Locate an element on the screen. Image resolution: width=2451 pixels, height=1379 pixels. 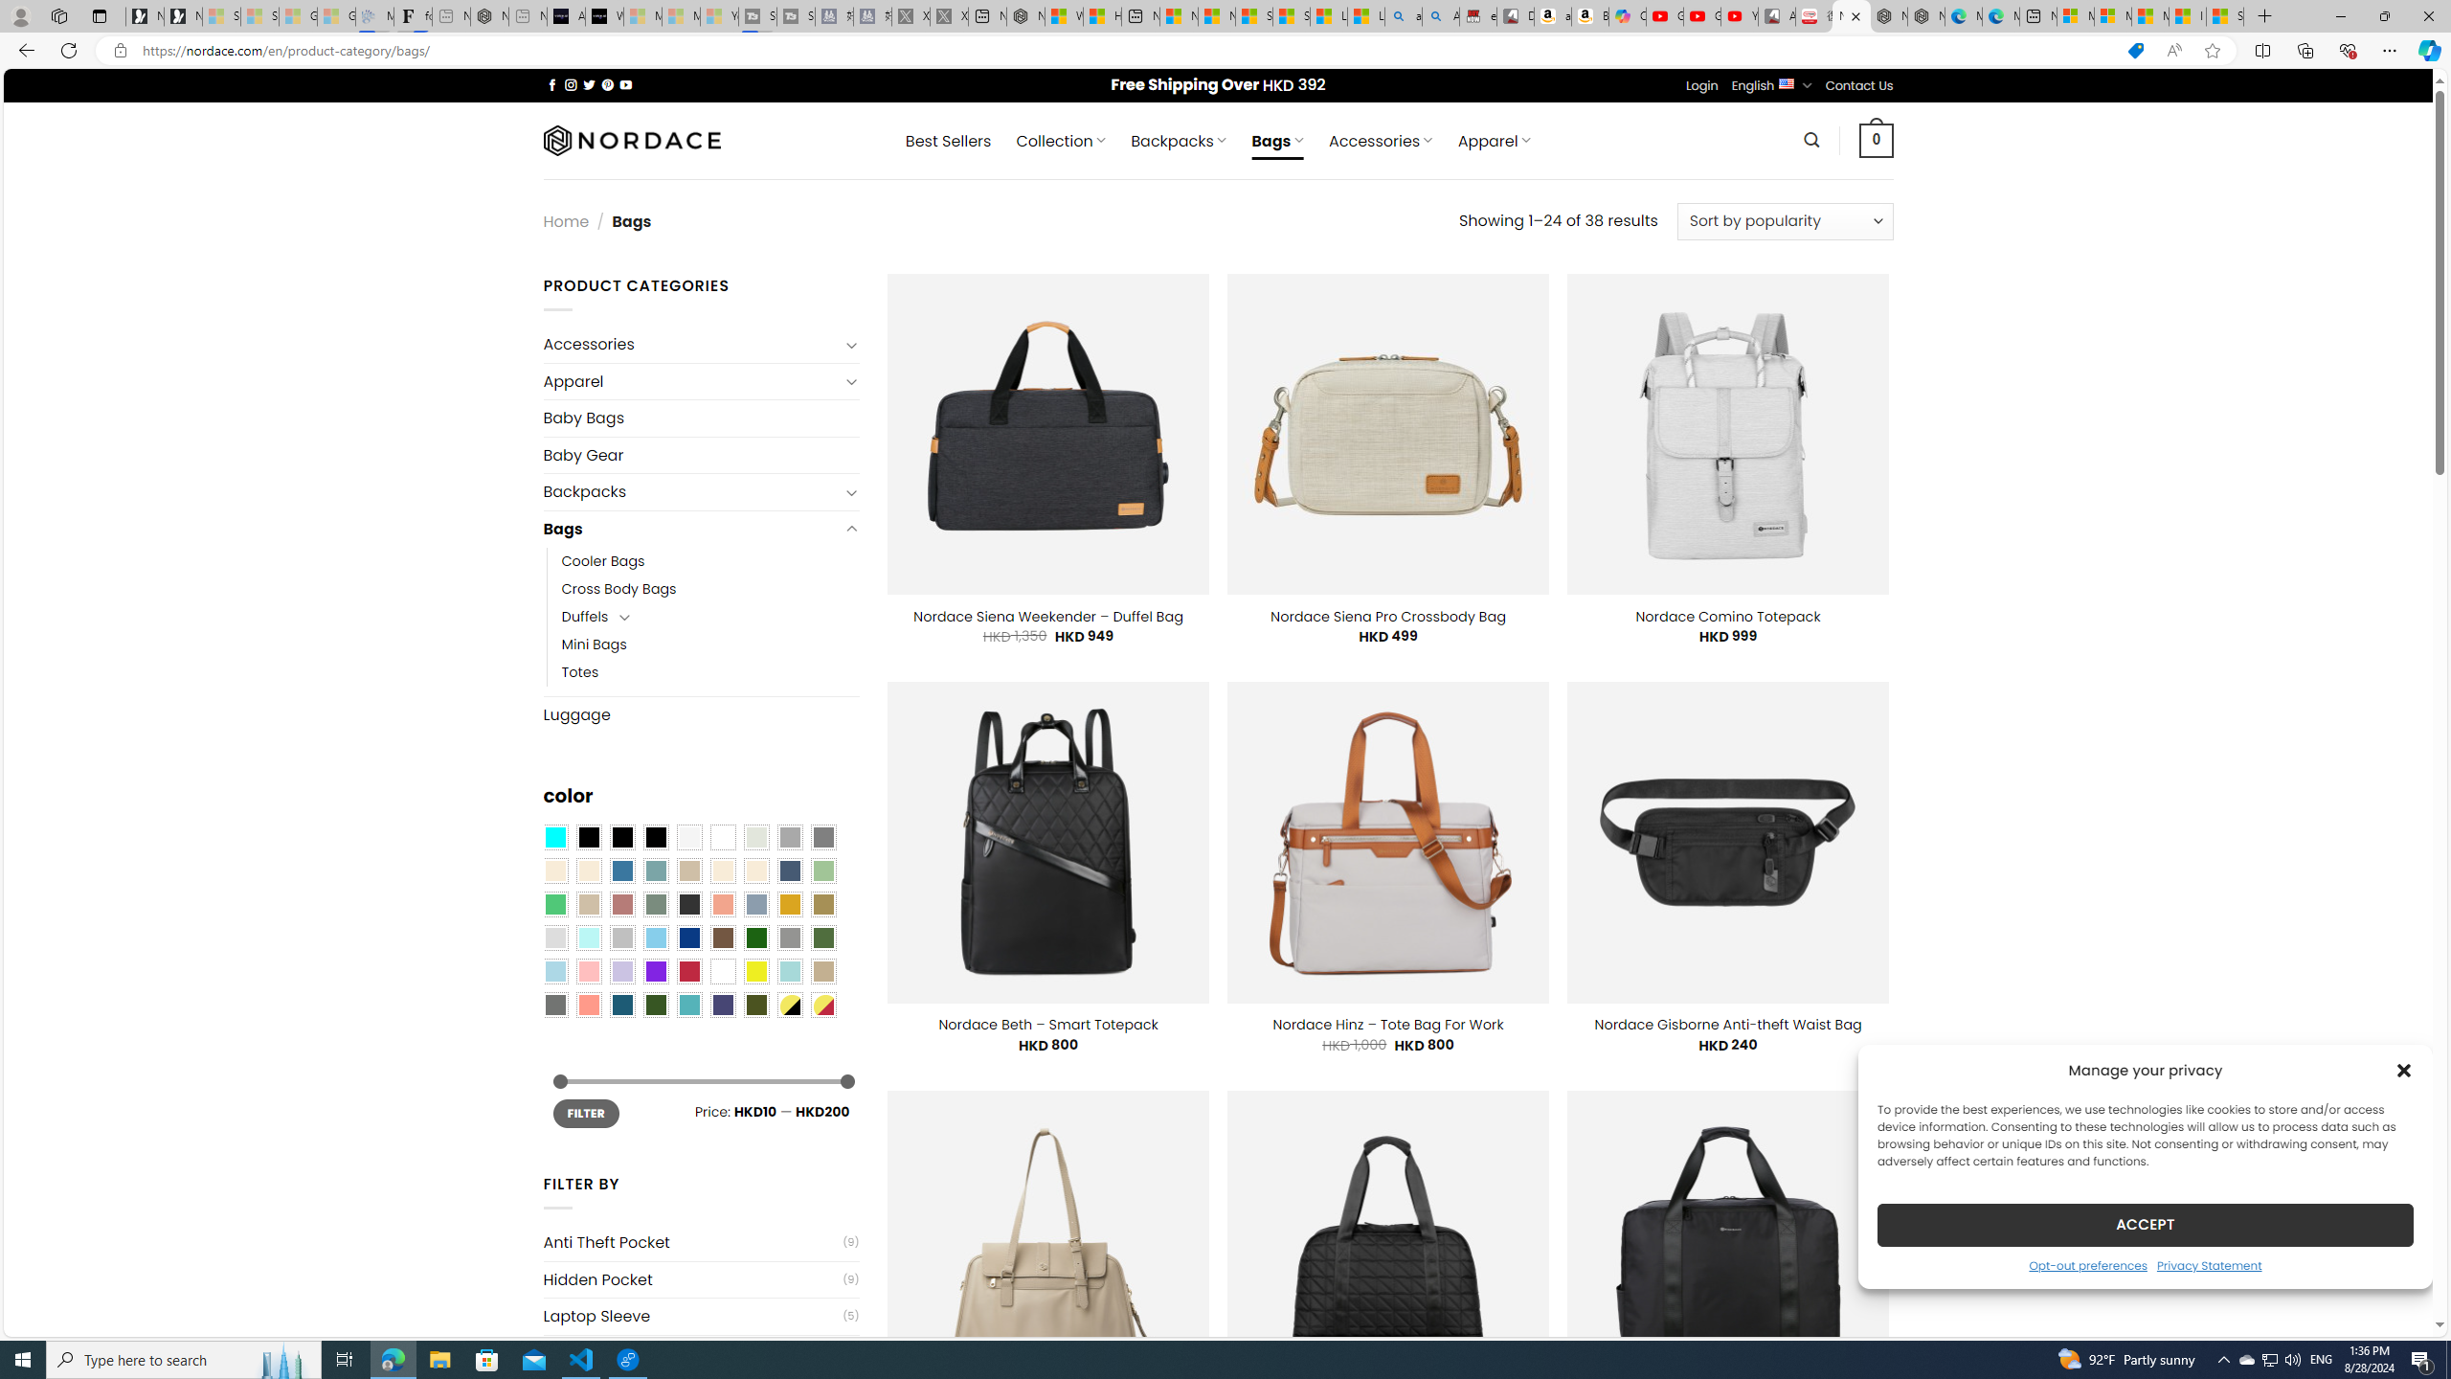
' Best Sellers' is located at coordinates (948, 140).